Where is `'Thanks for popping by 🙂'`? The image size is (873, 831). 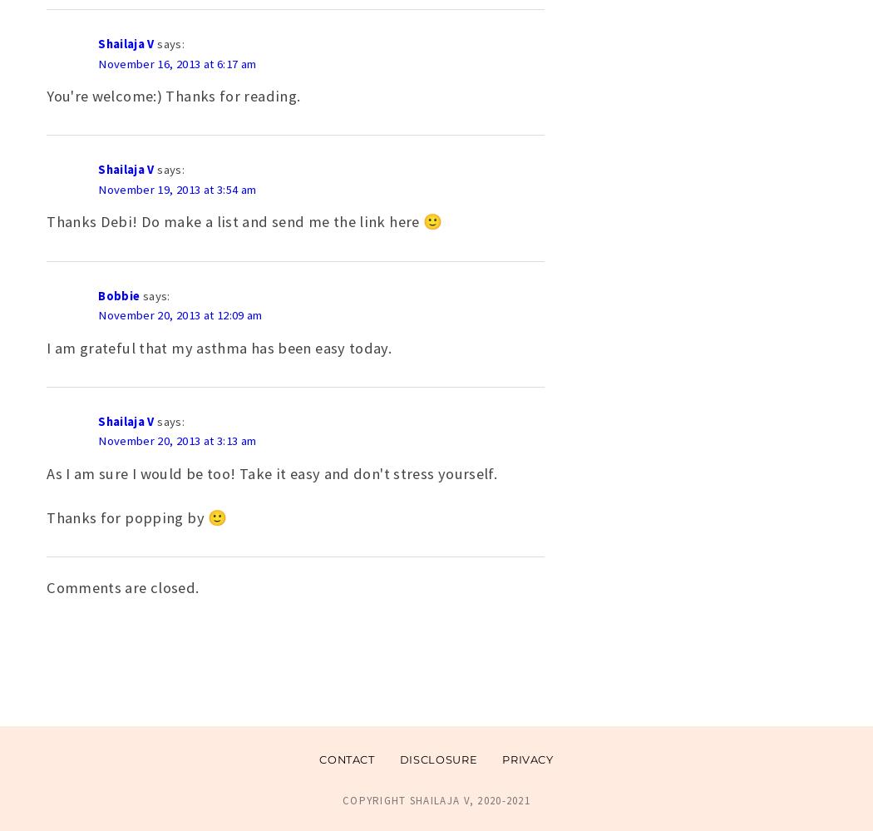
'Thanks for popping by 🙂' is located at coordinates (136, 517).